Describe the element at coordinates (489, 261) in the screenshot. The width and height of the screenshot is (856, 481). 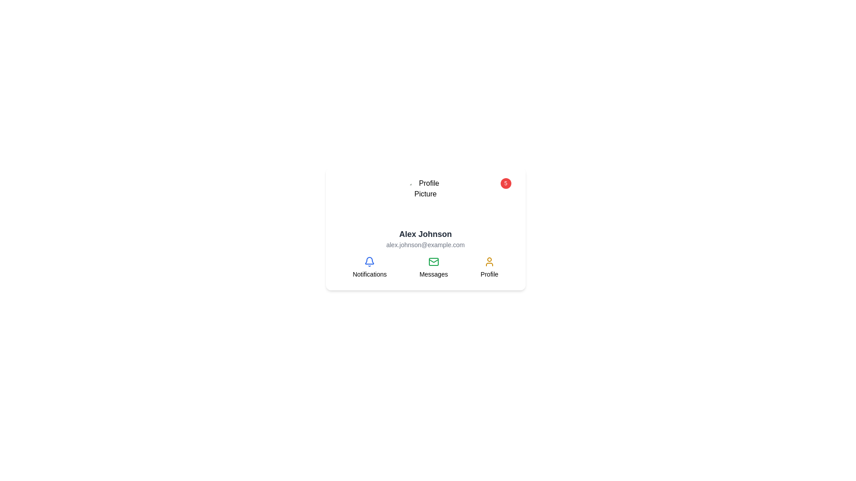
I see `the profile icon located centrally above the 'Profile' label` at that location.